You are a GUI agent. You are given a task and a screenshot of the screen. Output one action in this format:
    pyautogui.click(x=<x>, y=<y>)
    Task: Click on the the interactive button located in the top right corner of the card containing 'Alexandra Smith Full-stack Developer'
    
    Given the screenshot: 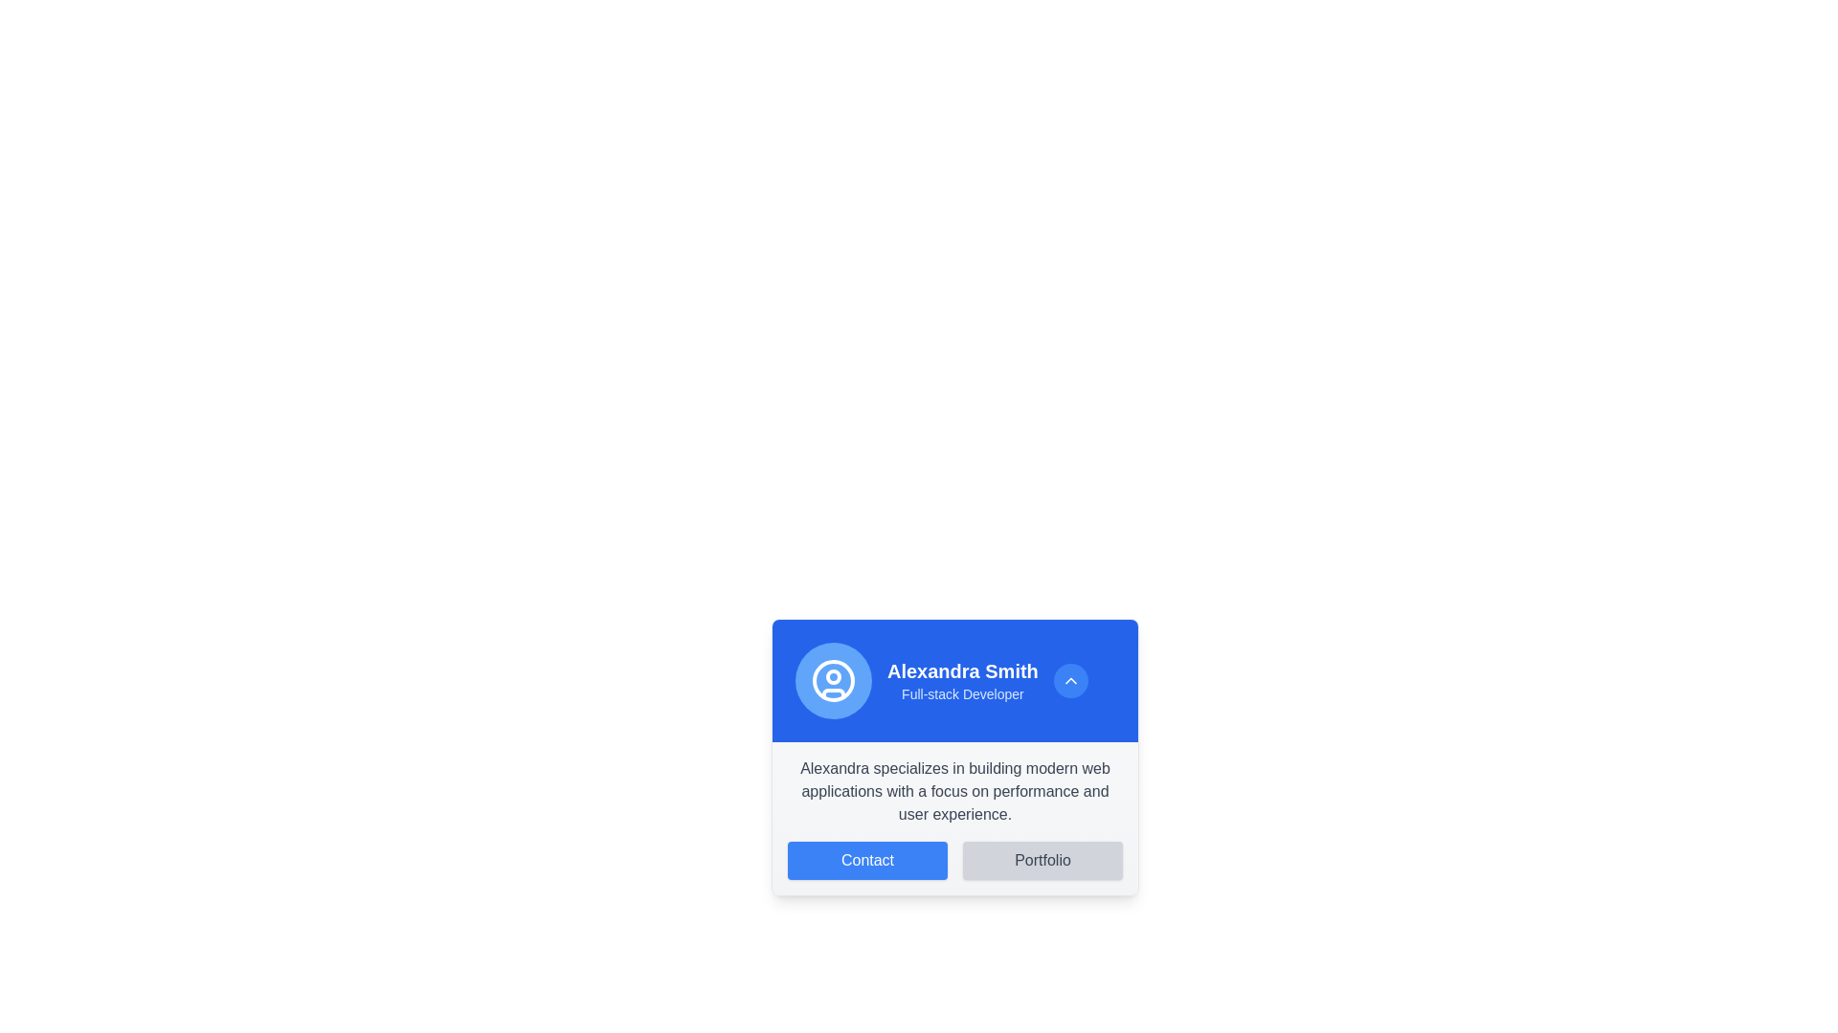 What is the action you would take?
    pyautogui.click(x=1069, y=680)
    